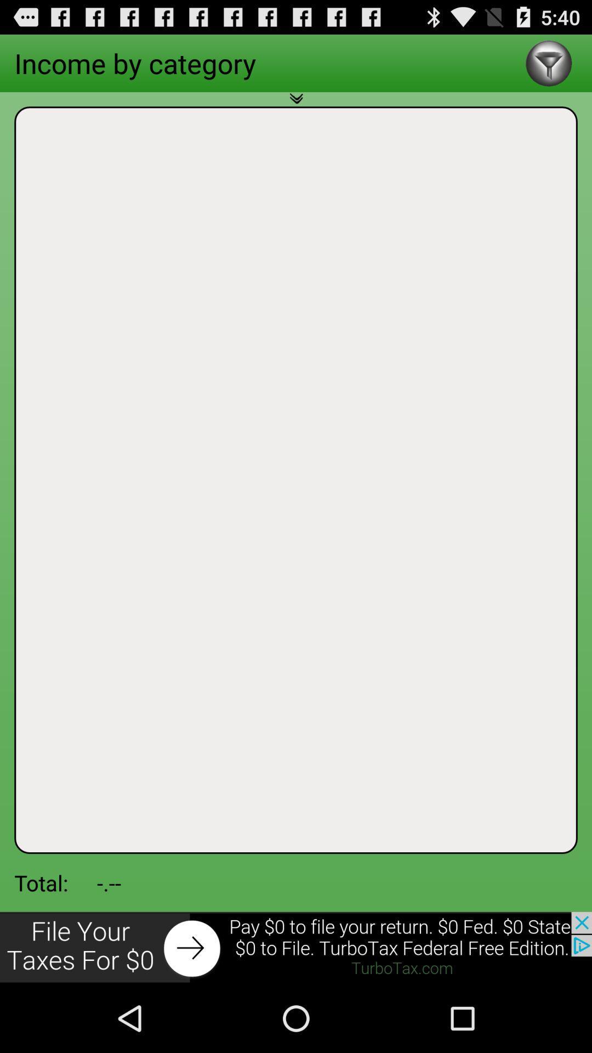 The image size is (592, 1053). Describe the element at coordinates (549, 67) in the screenshot. I see `the filter icon` at that location.